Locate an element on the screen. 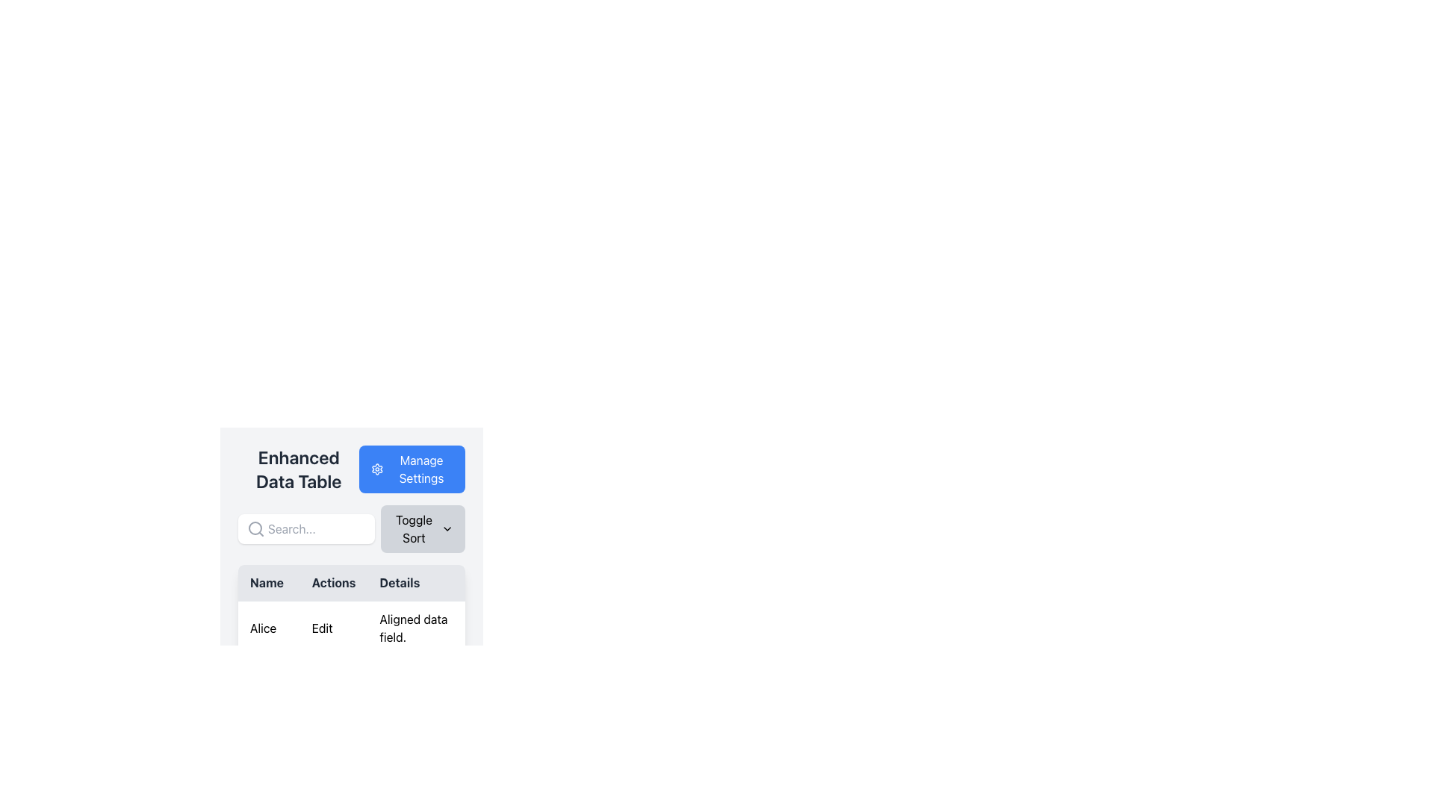 This screenshot has height=806, width=1434. text displayed in the rightmost cell of the 'Details' column for the row associated with 'Alice' is located at coordinates (416, 628).